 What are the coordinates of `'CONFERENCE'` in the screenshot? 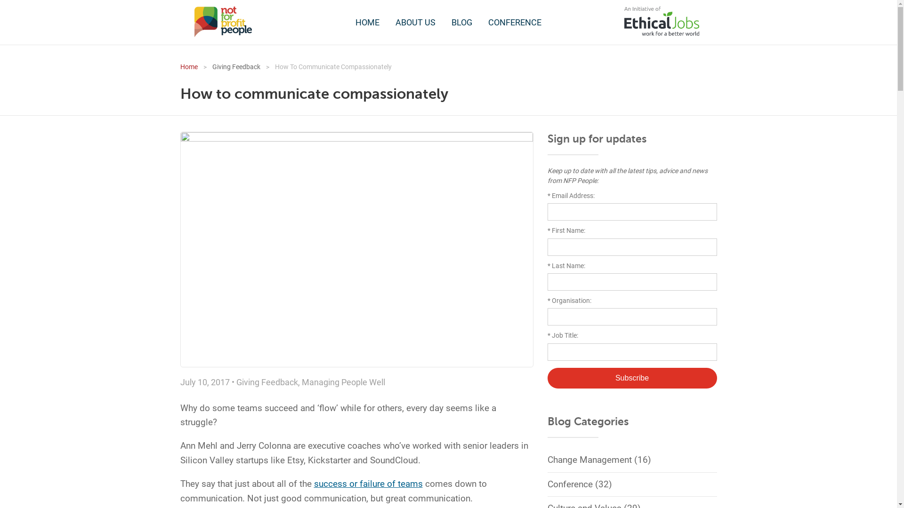 It's located at (481, 22).